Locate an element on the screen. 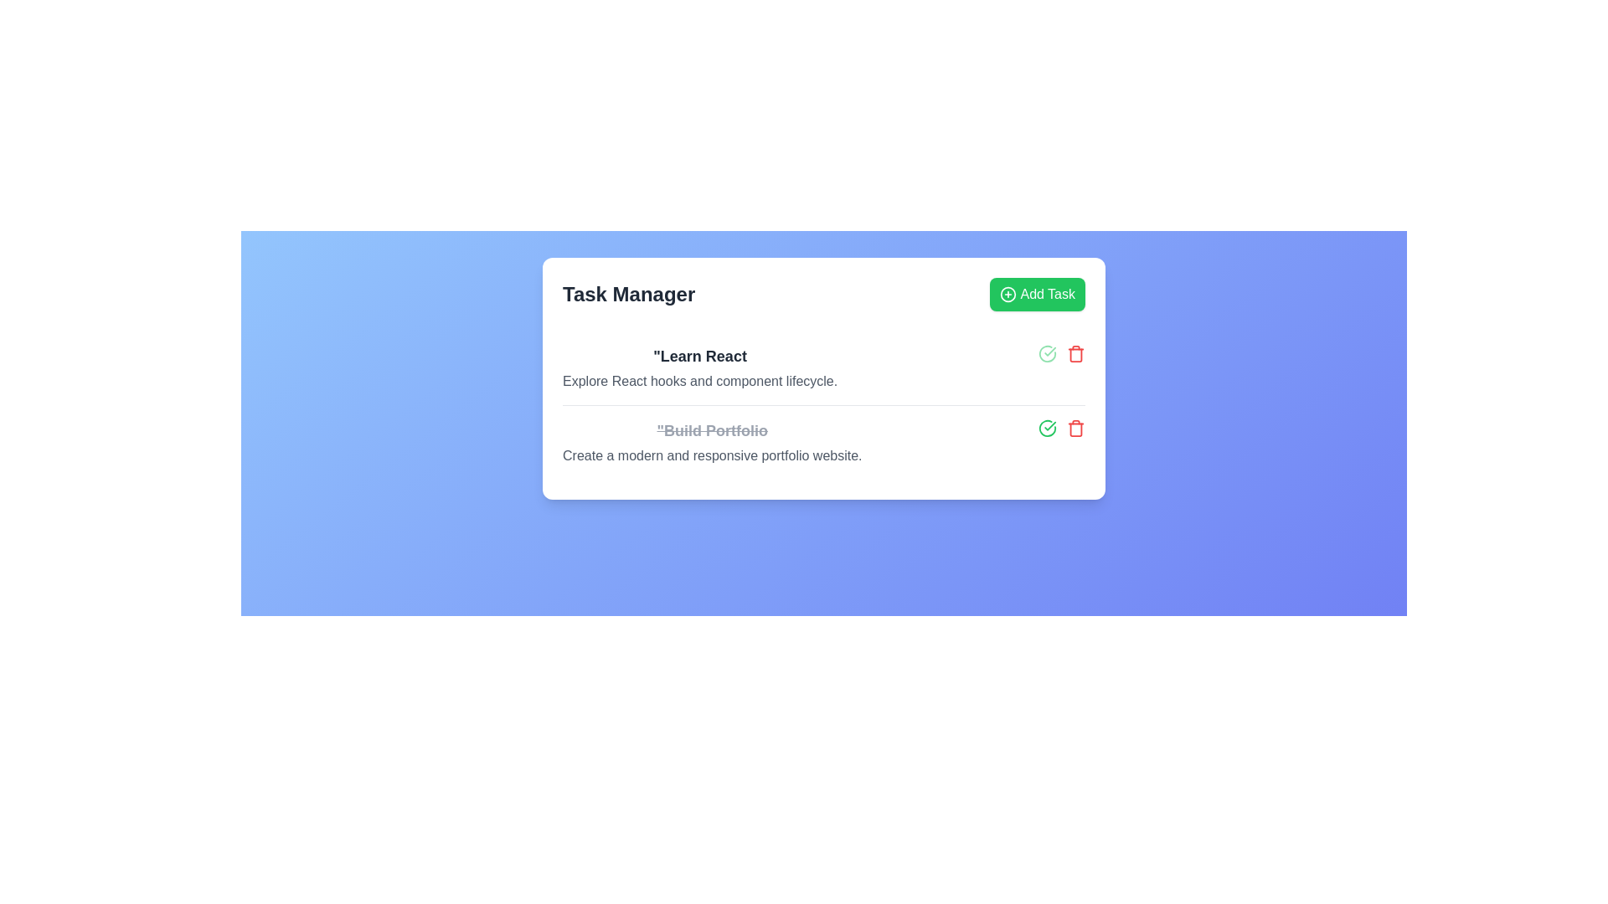  the green 'Add Task' button, which contains a circular plus icon at its center, located in the top right corner of the task management interface is located at coordinates (1008, 293).